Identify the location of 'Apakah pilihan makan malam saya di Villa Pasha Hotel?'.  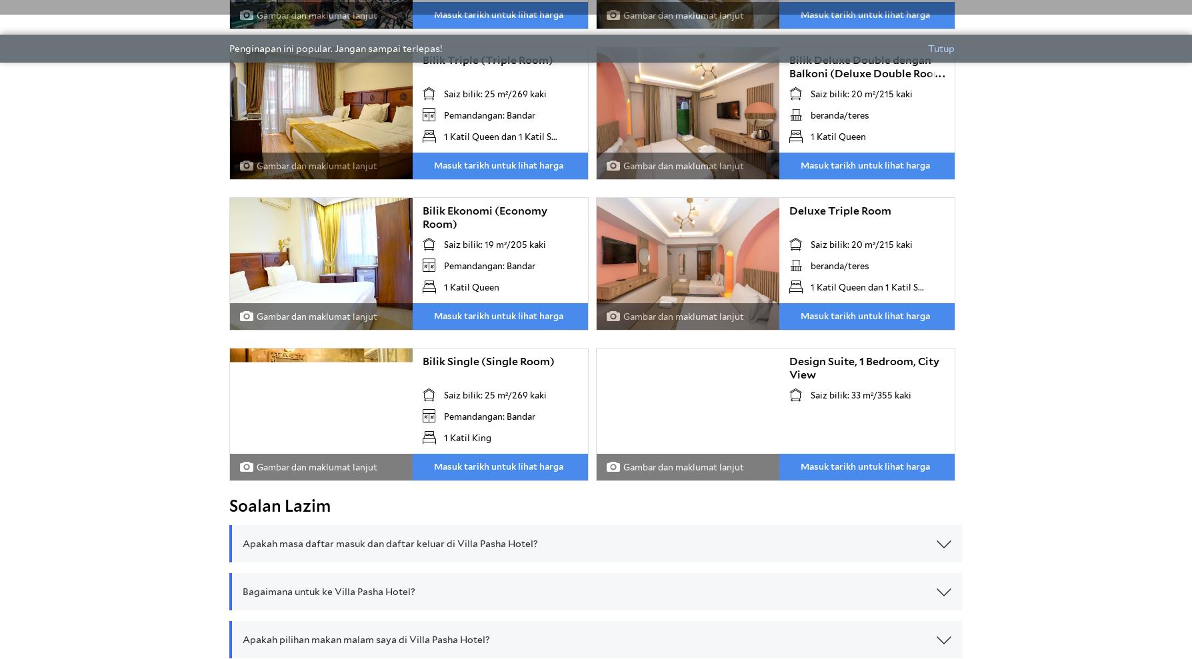
(366, 640).